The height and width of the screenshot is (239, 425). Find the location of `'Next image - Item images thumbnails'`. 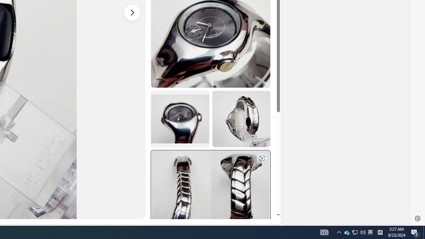

'Next image - Item images thumbnails' is located at coordinates (132, 12).